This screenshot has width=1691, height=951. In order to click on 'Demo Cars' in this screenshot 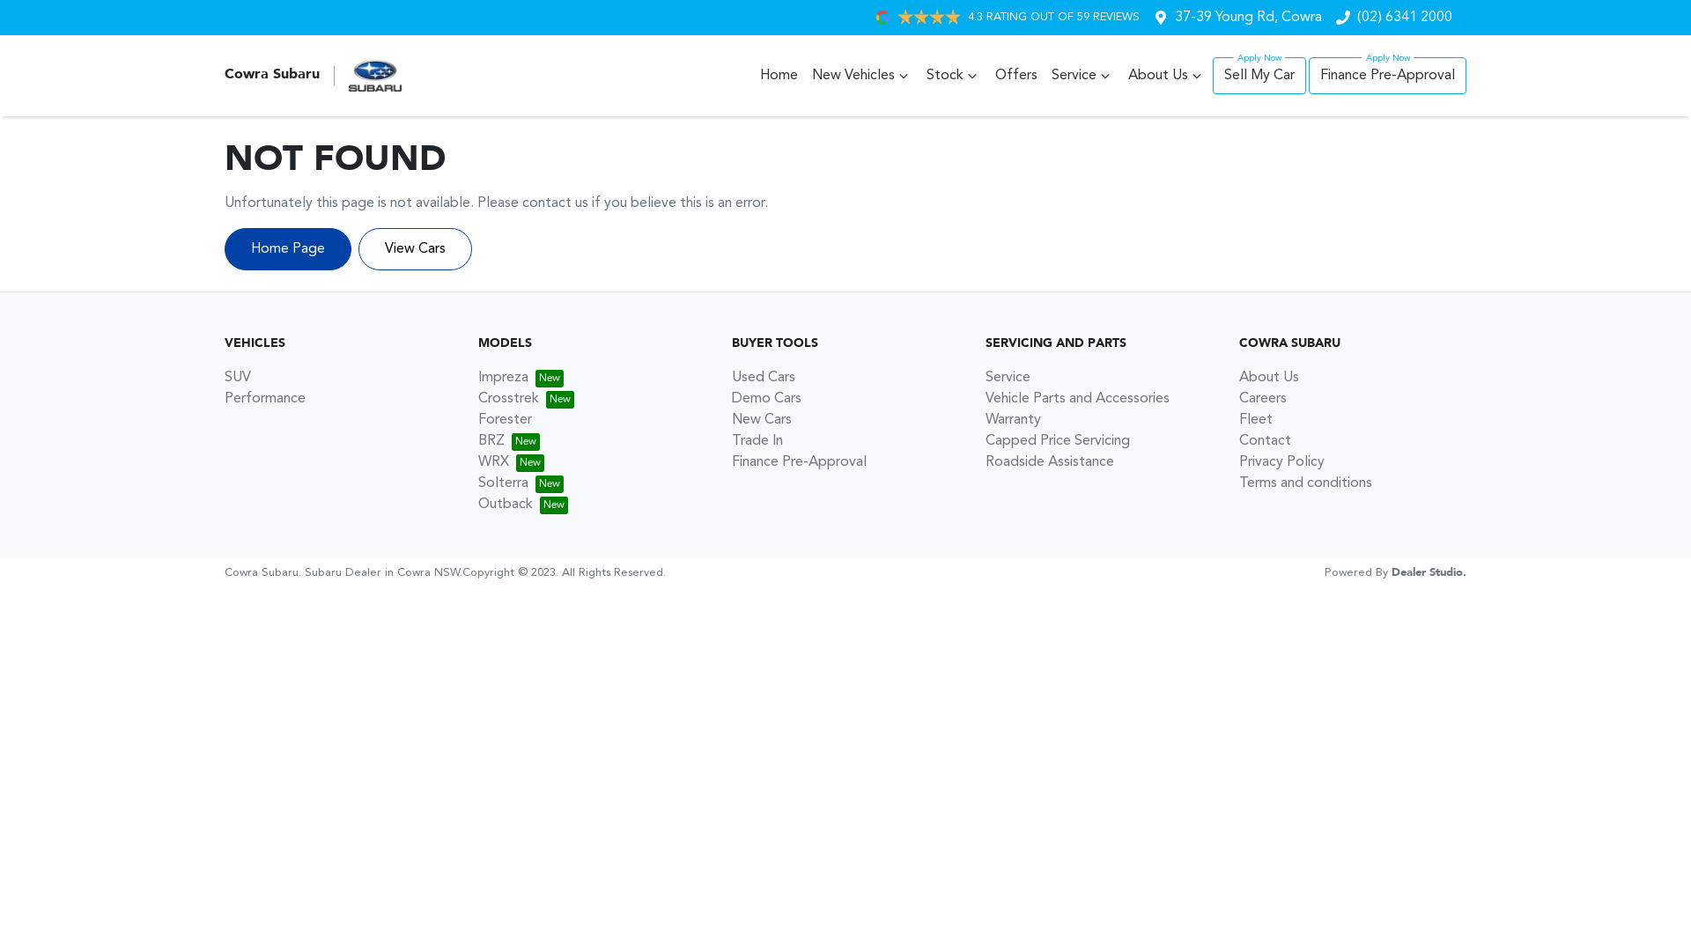, I will do `click(766, 398)`.